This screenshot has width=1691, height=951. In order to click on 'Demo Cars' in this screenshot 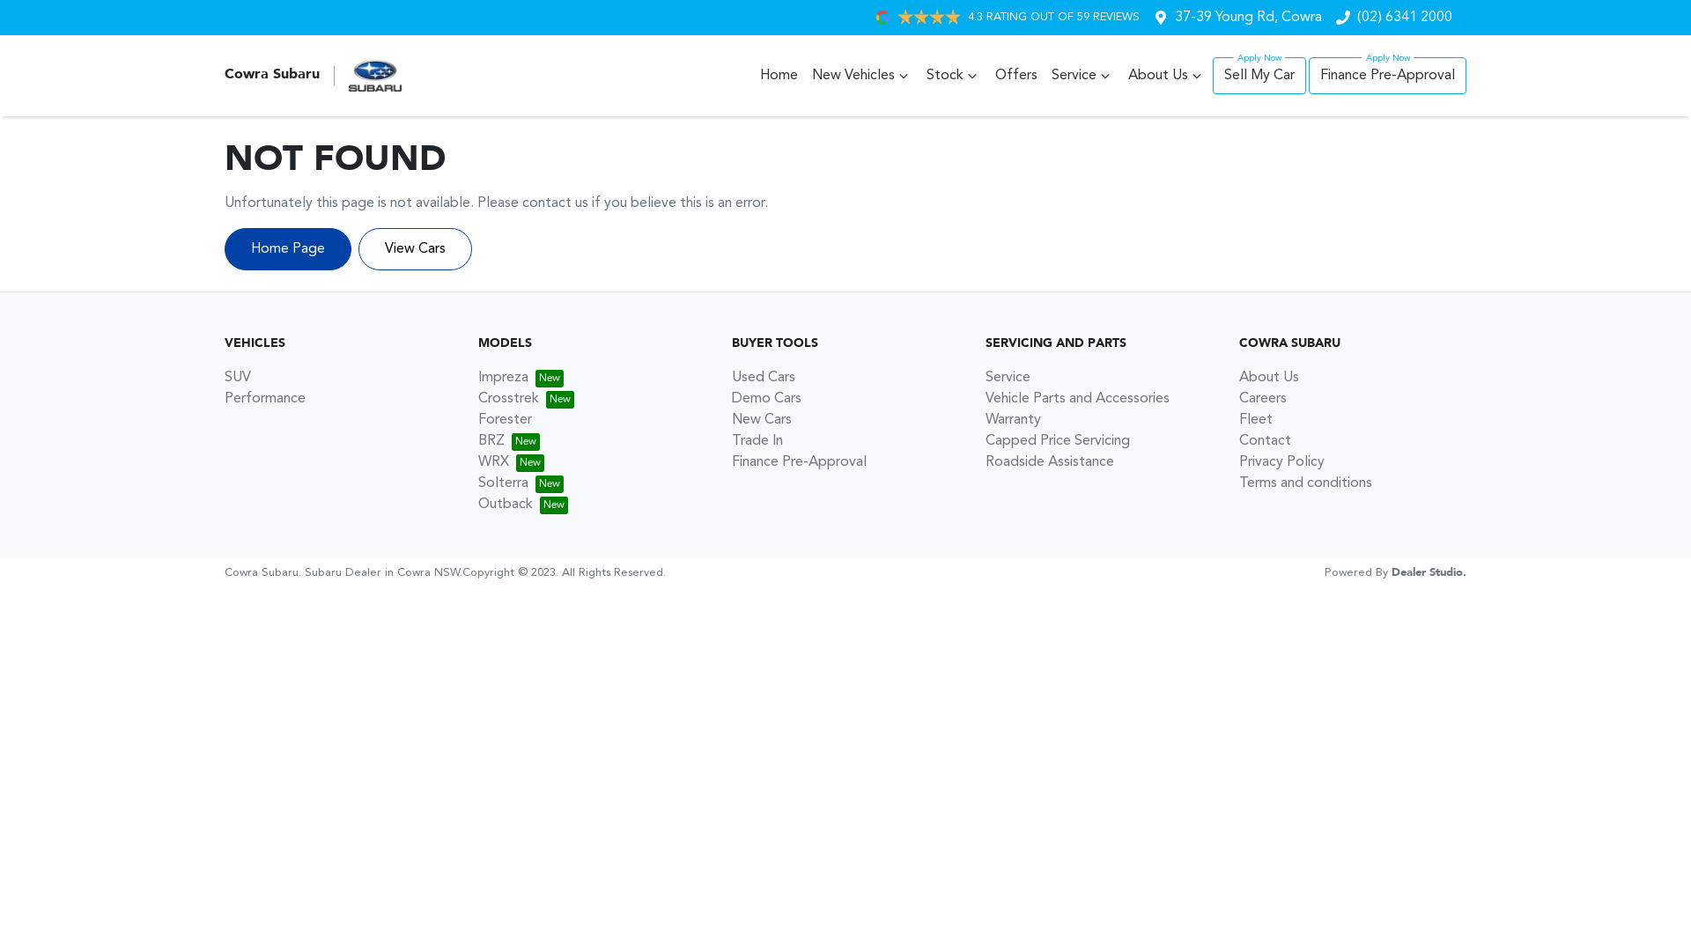, I will do `click(766, 398)`.